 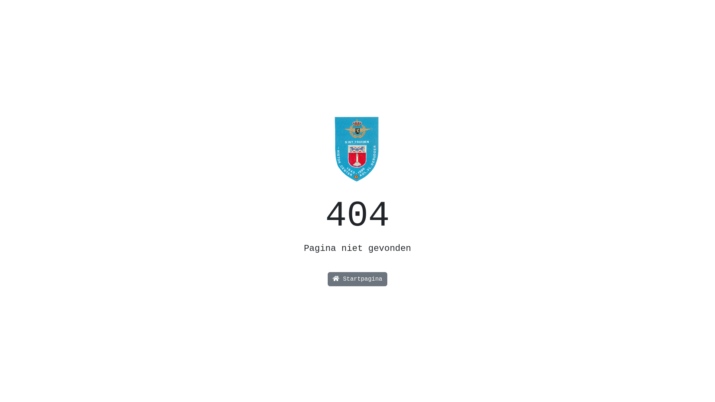 What do you see at coordinates (357, 279) in the screenshot?
I see `'Startpagina'` at bounding box center [357, 279].